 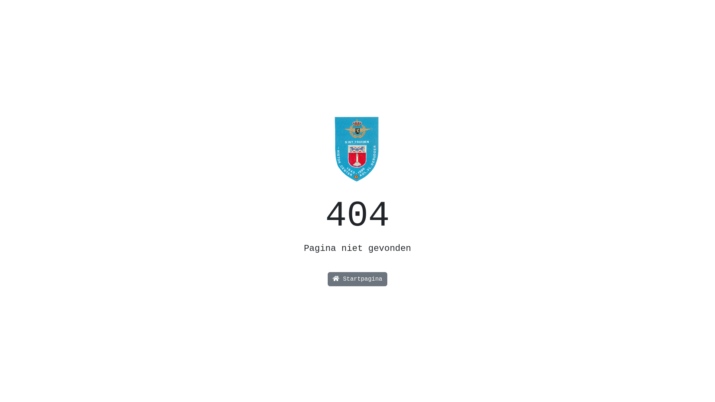 What do you see at coordinates (357, 279) in the screenshot?
I see `'Startpagina'` at bounding box center [357, 279].